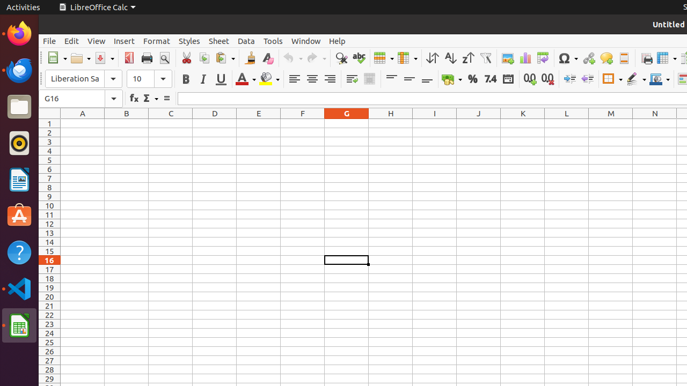 Image resolution: width=687 pixels, height=386 pixels. What do you see at coordinates (245, 78) in the screenshot?
I see `'Font Color'` at bounding box center [245, 78].